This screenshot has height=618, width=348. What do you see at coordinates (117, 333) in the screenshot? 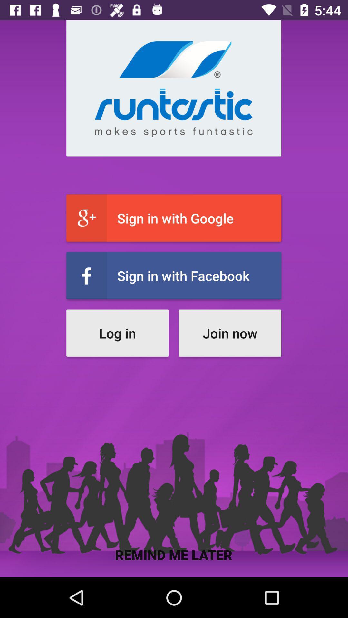
I see `icon next to the join now button` at bounding box center [117, 333].